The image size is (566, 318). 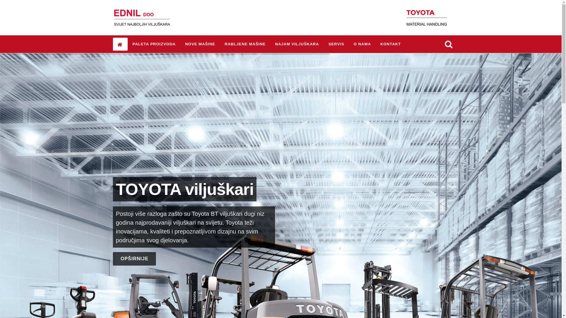 I want to click on 'O NAMA', so click(x=362, y=44).